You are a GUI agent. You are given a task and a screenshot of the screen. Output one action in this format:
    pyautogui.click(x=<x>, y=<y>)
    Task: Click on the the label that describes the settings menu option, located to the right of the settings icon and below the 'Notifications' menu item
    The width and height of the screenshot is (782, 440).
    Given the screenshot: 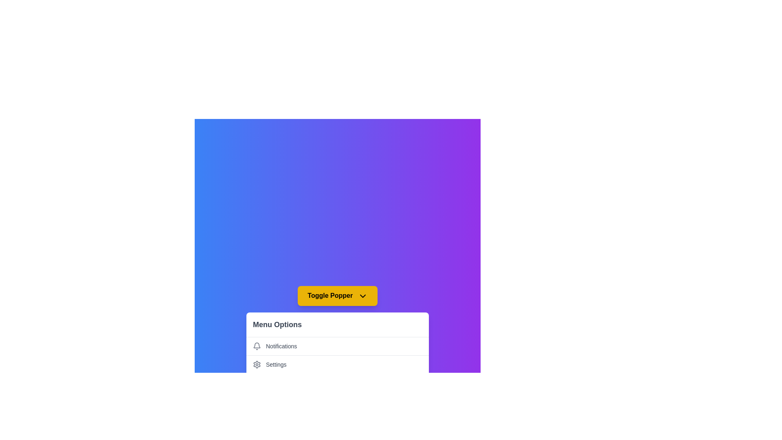 What is the action you would take?
    pyautogui.click(x=276, y=364)
    